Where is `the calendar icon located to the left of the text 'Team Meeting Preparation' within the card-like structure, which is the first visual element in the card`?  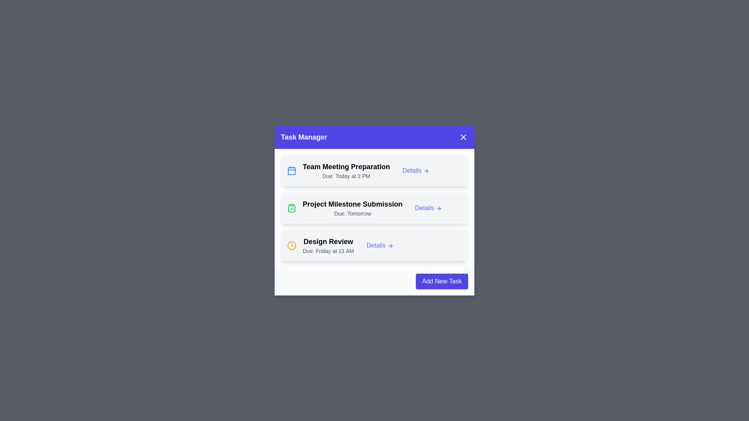
the calendar icon located to the left of the text 'Team Meeting Preparation' within the card-like structure, which is the first visual element in the card is located at coordinates (291, 170).